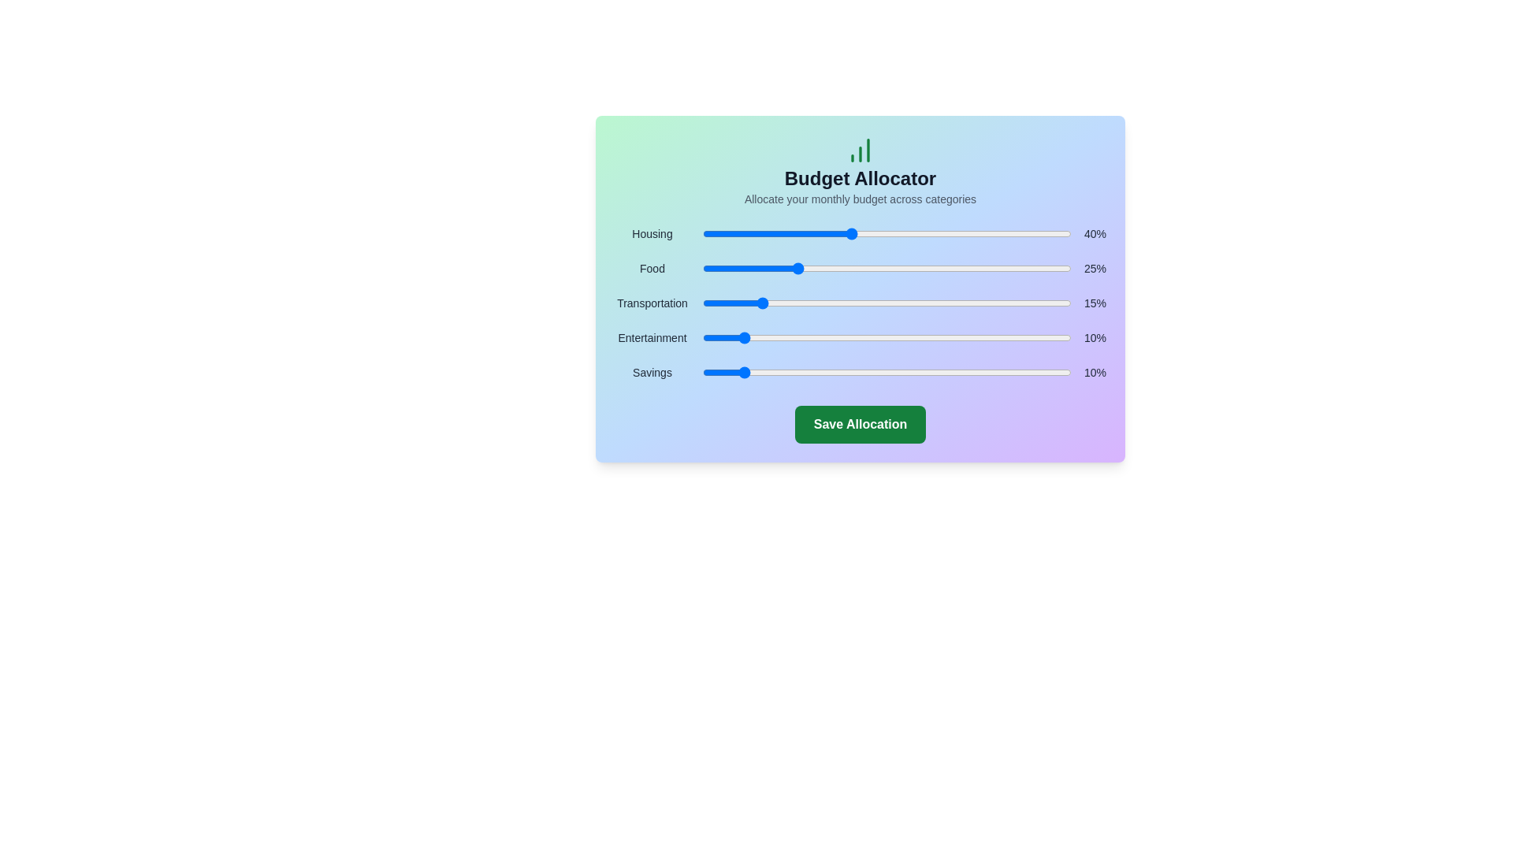 The width and height of the screenshot is (1513, 851). I want to click on 'Save Allocation' button to save the current budget allocation, so click(859, 424).